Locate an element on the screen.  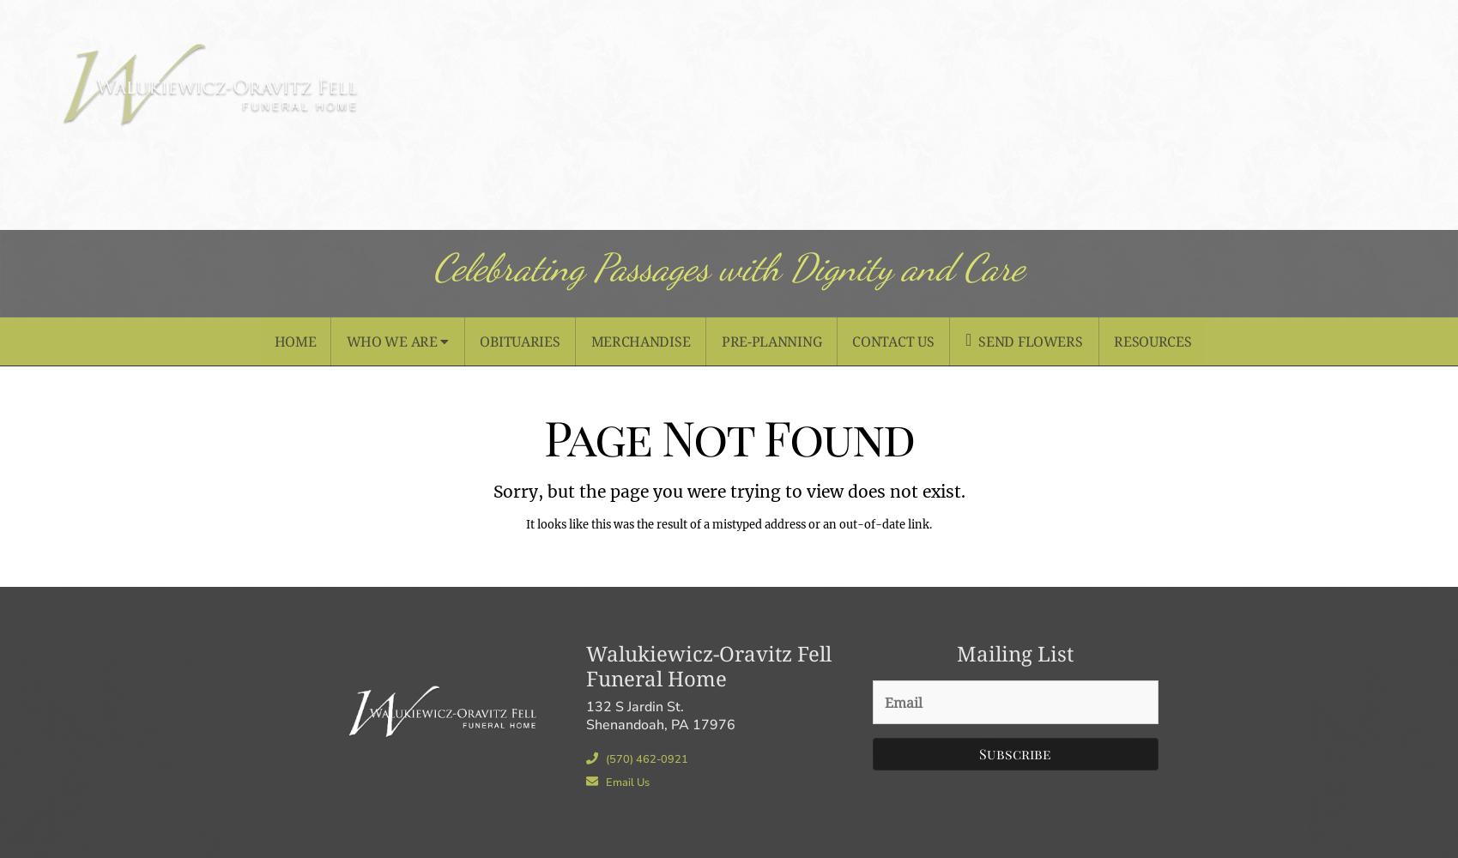
'Walukiewicz-Oravitz Fell Funeral Home' is located at coordinates (584, 665).